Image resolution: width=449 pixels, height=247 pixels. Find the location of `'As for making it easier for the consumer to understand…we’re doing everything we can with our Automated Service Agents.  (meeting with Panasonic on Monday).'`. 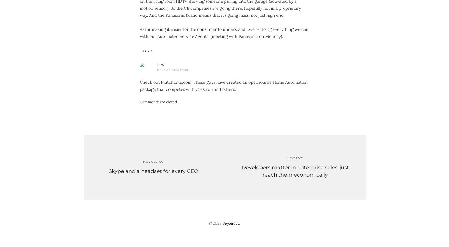

'As for making it easier for the consumer to understand…we’re doing everything we can with our Automated Service Agents.  (meeting with Panasonic on Monday).' is located at coordinates (223, 32).